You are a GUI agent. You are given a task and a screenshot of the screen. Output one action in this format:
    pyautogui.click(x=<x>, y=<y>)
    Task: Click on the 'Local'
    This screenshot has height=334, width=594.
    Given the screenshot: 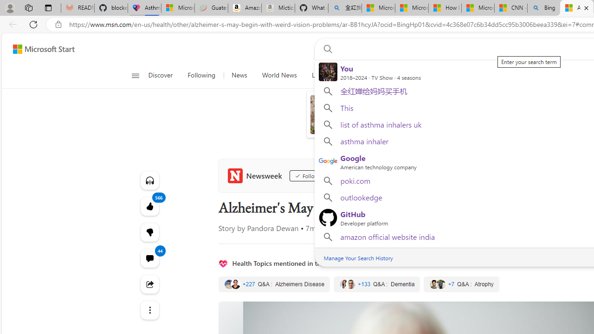 What is the action you would take?
    pyautogui.click(x=319, y=75)
    